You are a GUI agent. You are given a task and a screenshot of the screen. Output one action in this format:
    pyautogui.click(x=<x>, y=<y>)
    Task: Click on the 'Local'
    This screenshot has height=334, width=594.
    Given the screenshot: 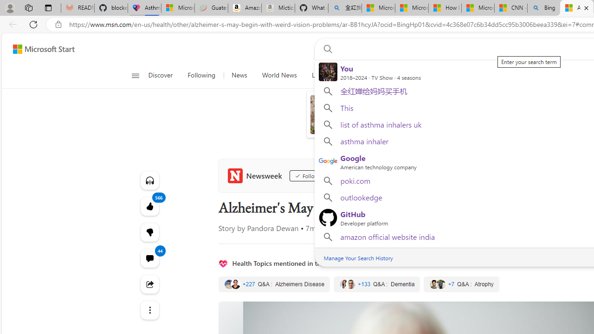 What is the action you would take?
    pyautogui.click(x=319, y=75)
    